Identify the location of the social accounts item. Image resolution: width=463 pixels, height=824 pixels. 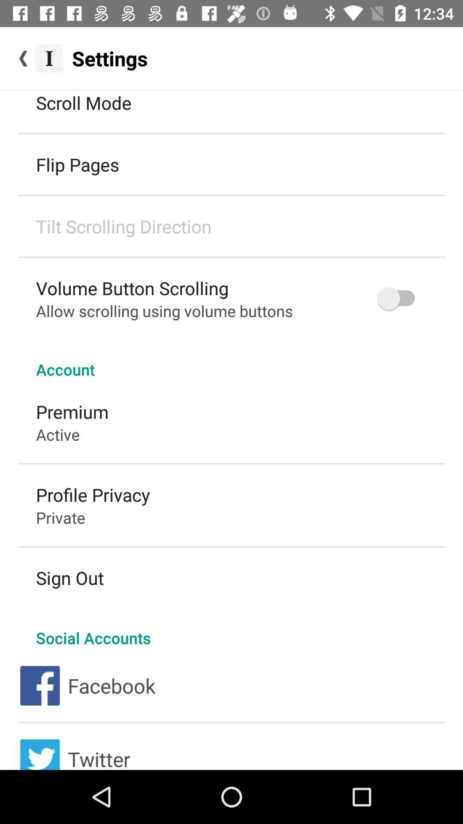
(231, 629).